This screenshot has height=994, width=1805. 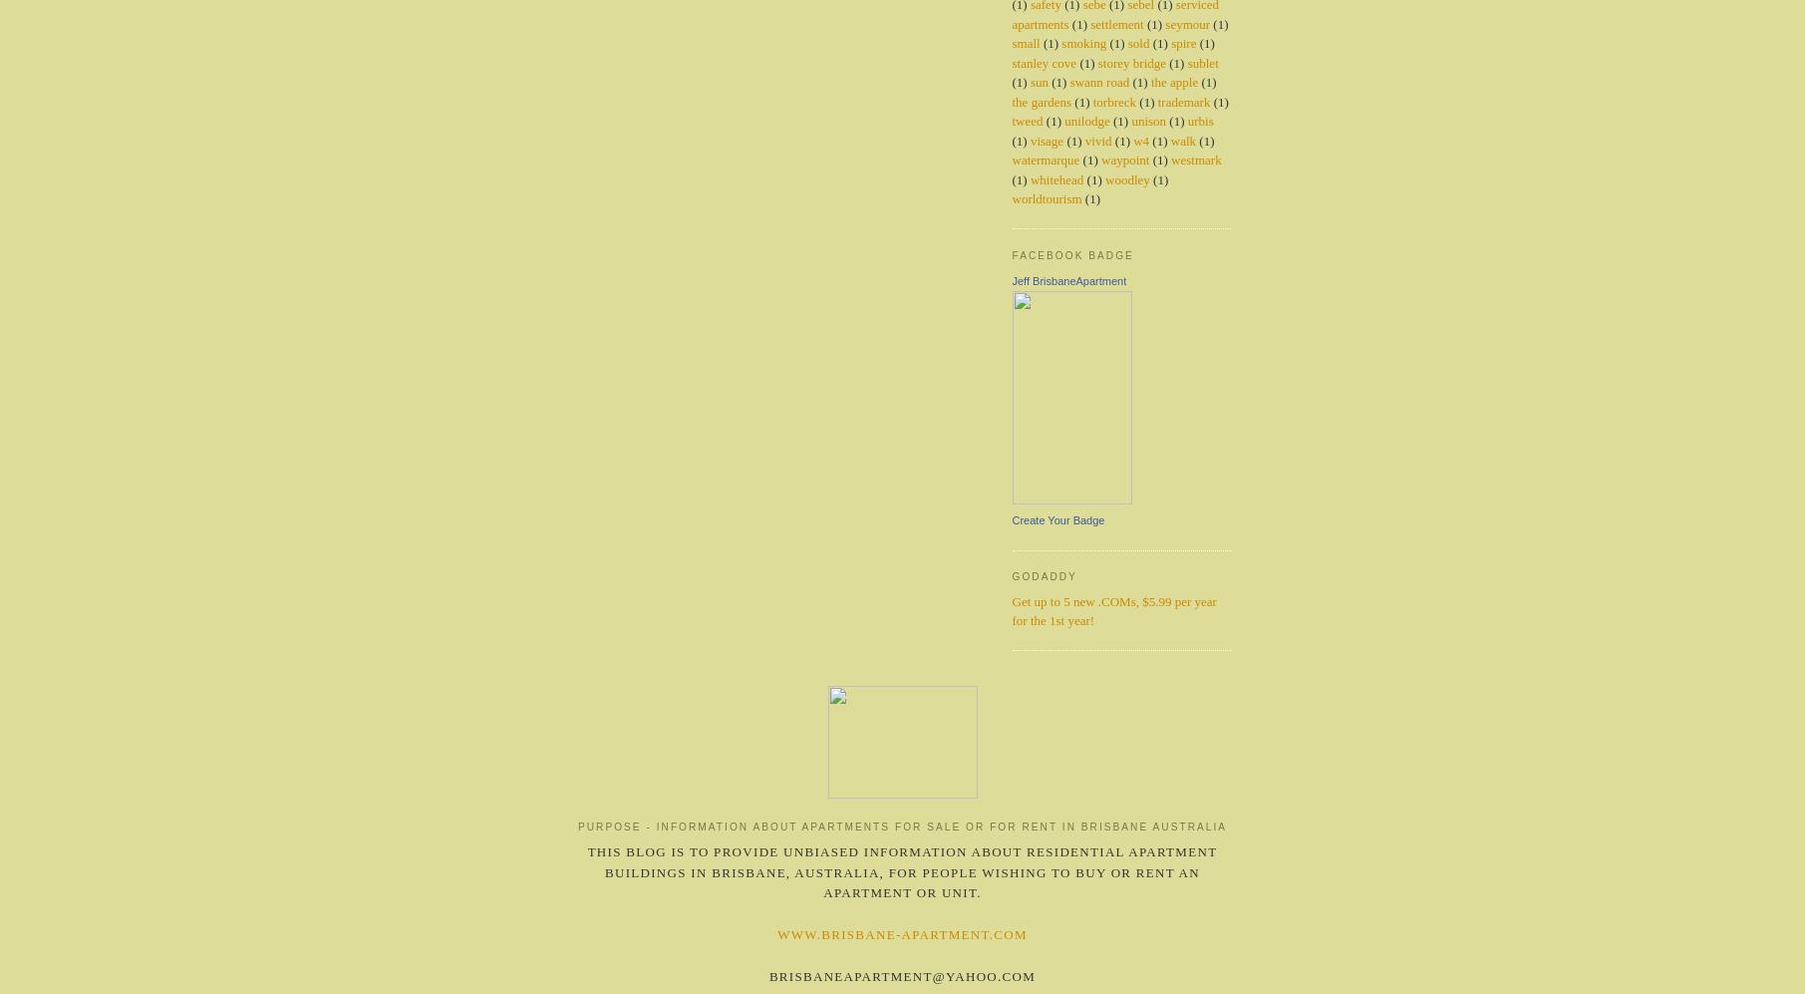 I want to click on 'westmark', so click(x=1194, y=159).